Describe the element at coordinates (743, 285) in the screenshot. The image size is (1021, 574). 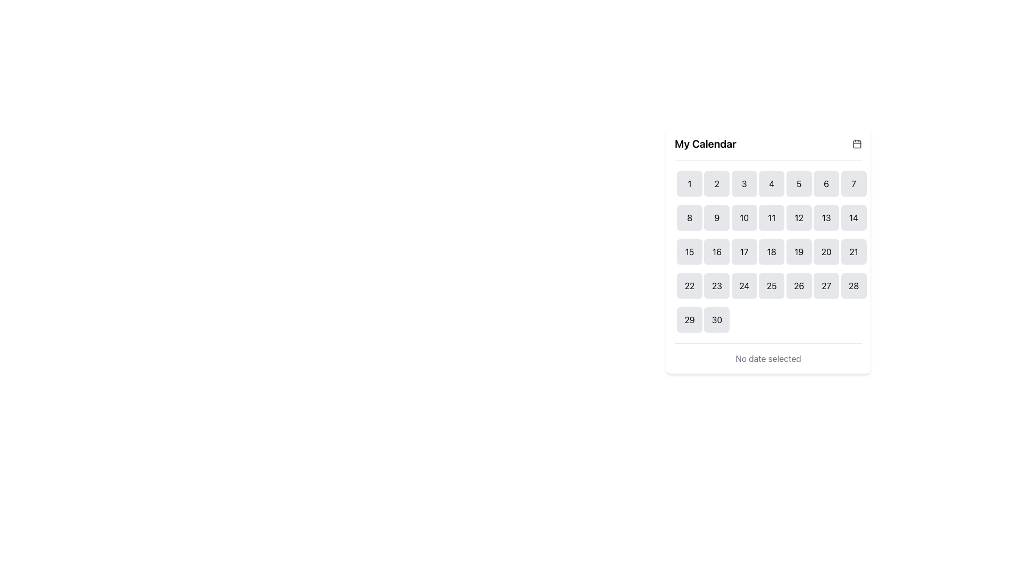
I see `the square button with a light gray background and the number '24' in black text, located in the fourth column of the fourth row in the calendar grid layout` at that location.